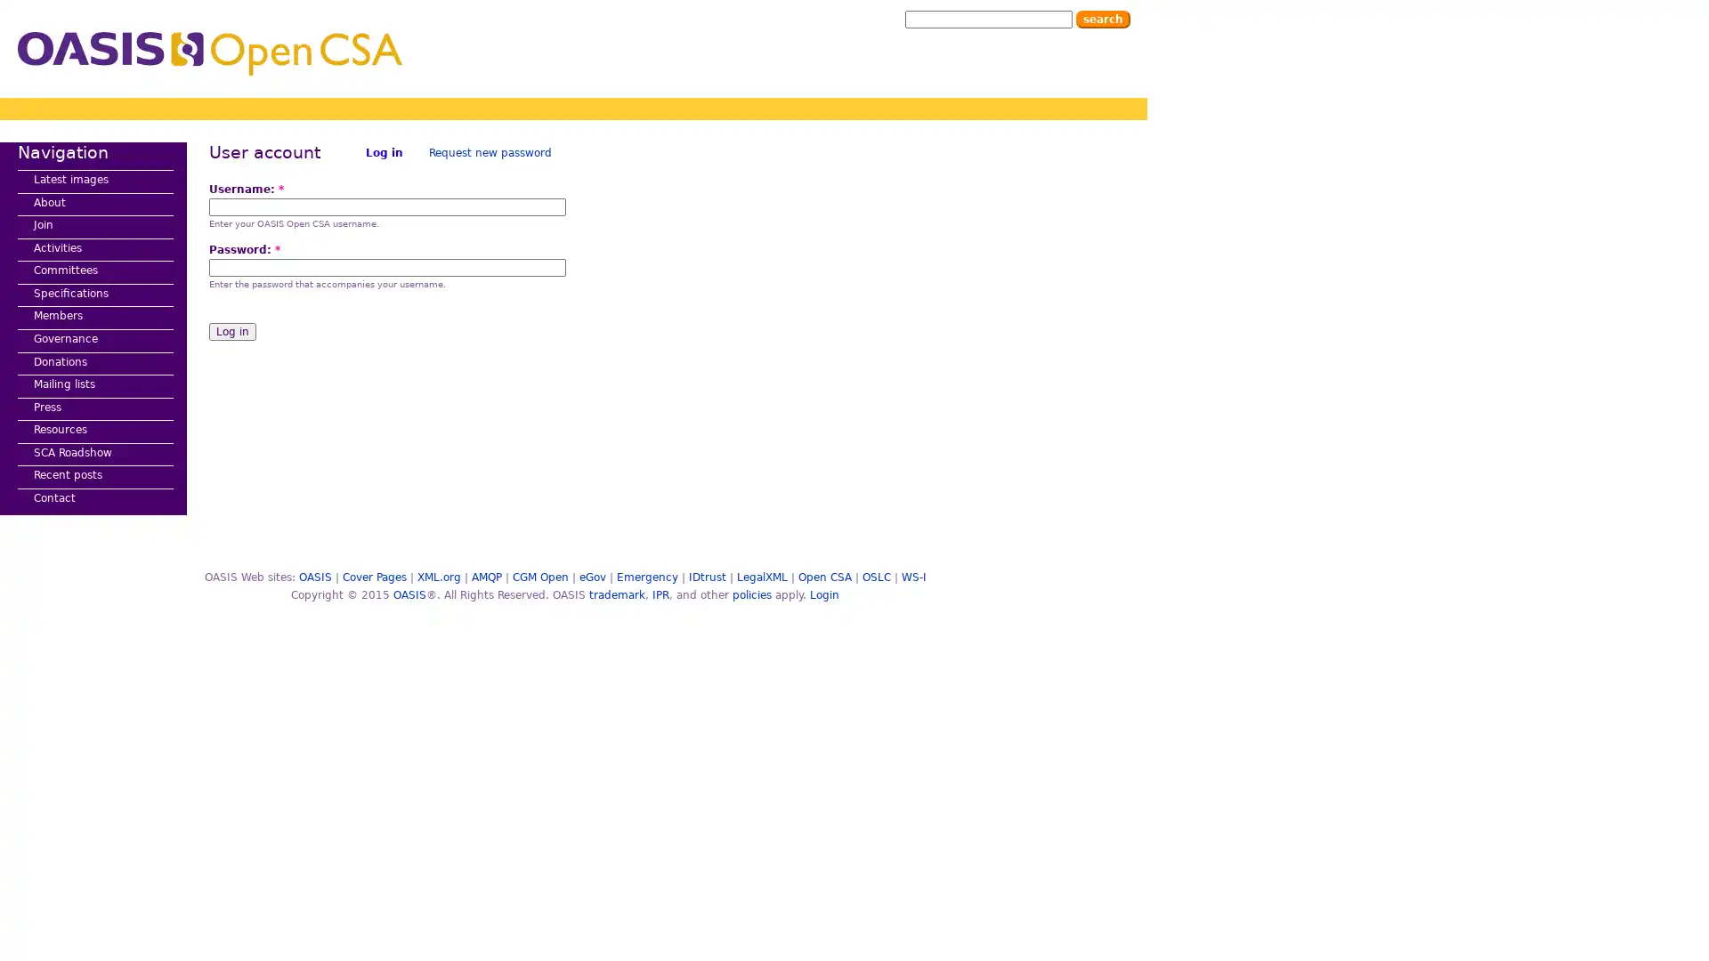  What do you see at coordinates (1102, 20) in the screenshot?
I see `Search` at bounding box center [1102, 20].